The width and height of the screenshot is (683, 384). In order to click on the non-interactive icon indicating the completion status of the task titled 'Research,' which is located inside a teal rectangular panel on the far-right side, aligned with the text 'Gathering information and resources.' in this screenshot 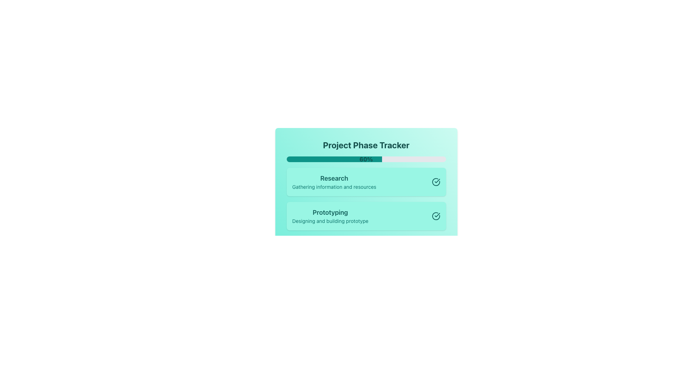, I will do `click(436, 181)`.